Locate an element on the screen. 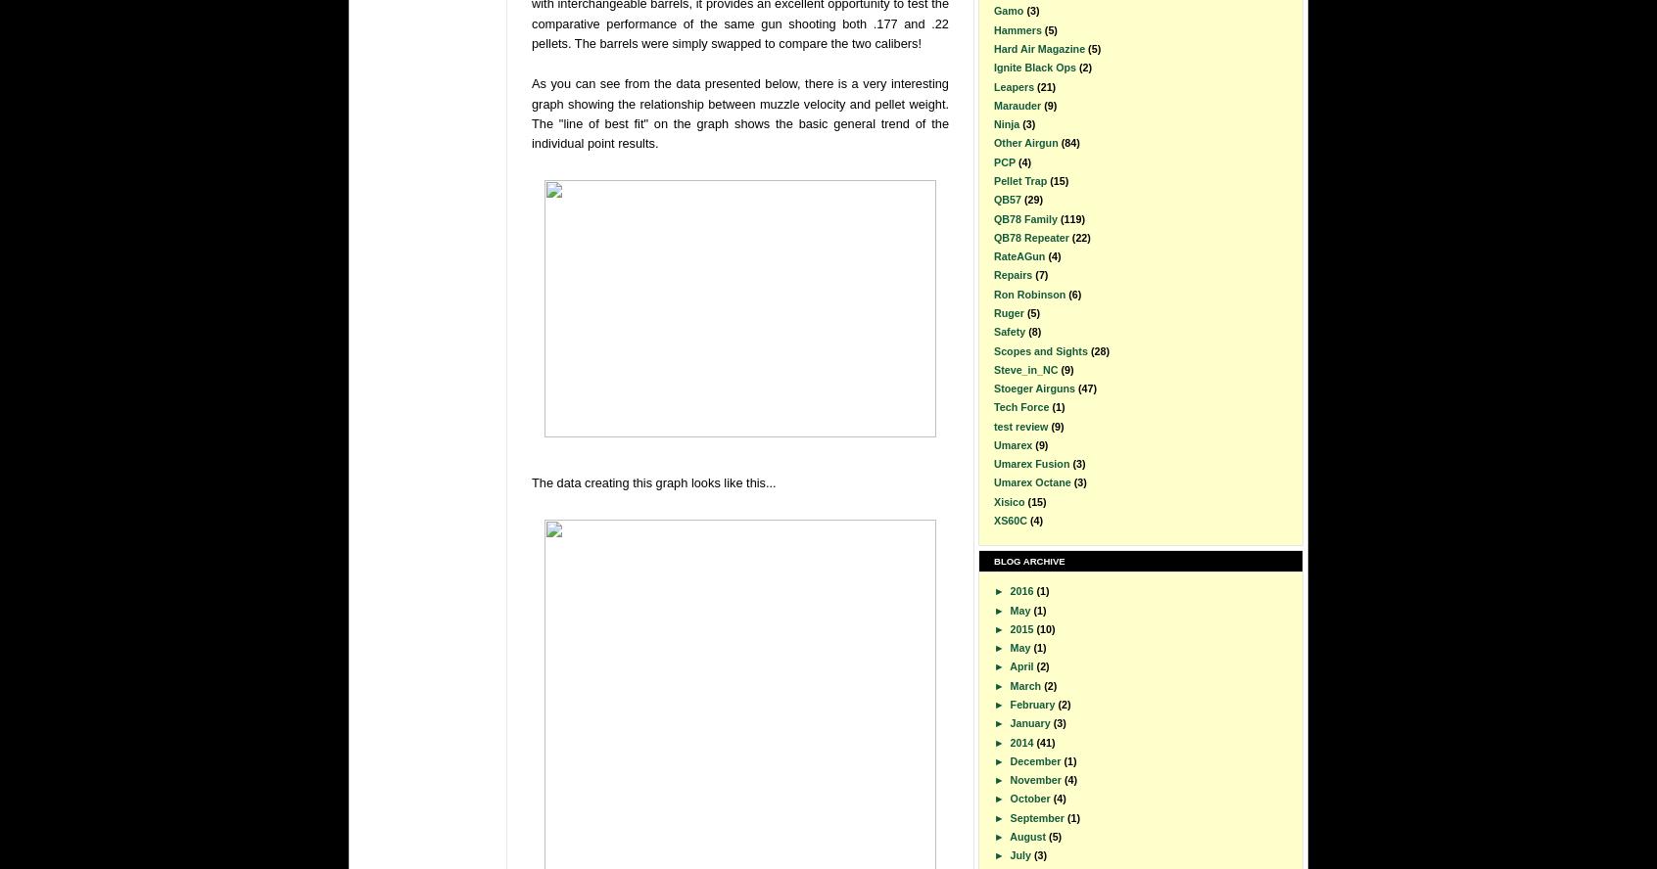  'Tech Force' is located at coordinates (993, 406).